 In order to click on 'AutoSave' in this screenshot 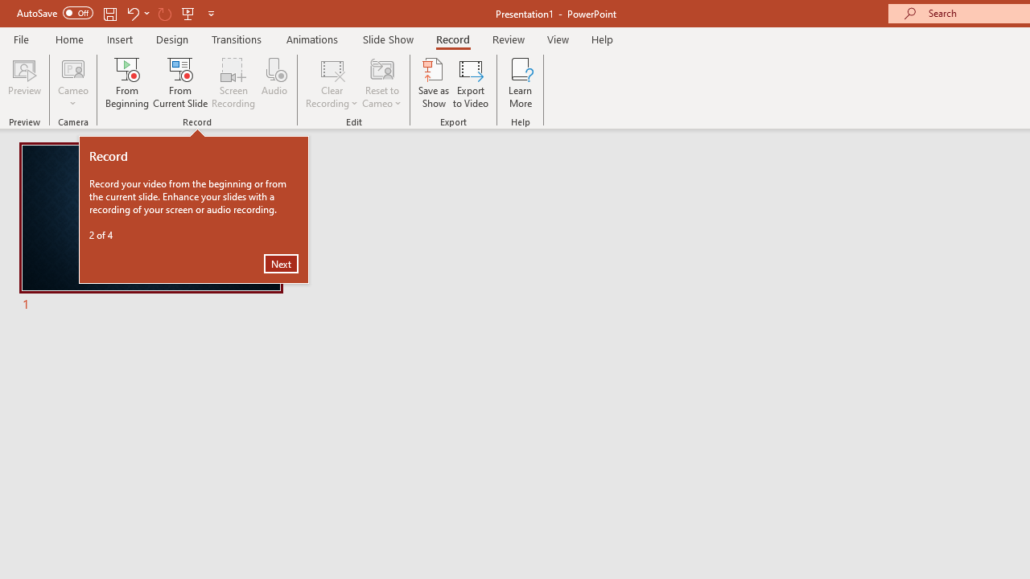, I will do `click(55, 13)`.